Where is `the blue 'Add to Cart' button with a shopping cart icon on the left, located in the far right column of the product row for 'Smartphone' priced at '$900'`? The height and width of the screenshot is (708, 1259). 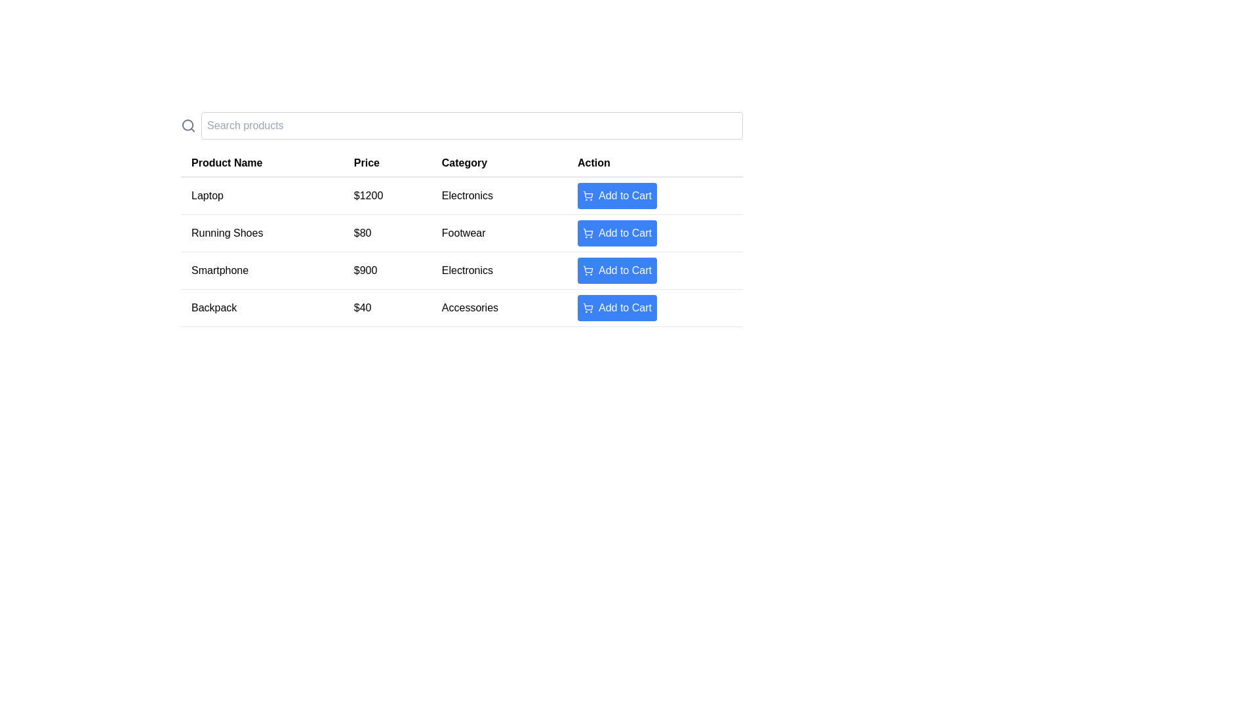
the blue 'Add to Cart' button with a shopping cart icon on the left, located in the far right column of the product row for 'Smartphone' priced at '$900' is located at coordinates (654, 269).